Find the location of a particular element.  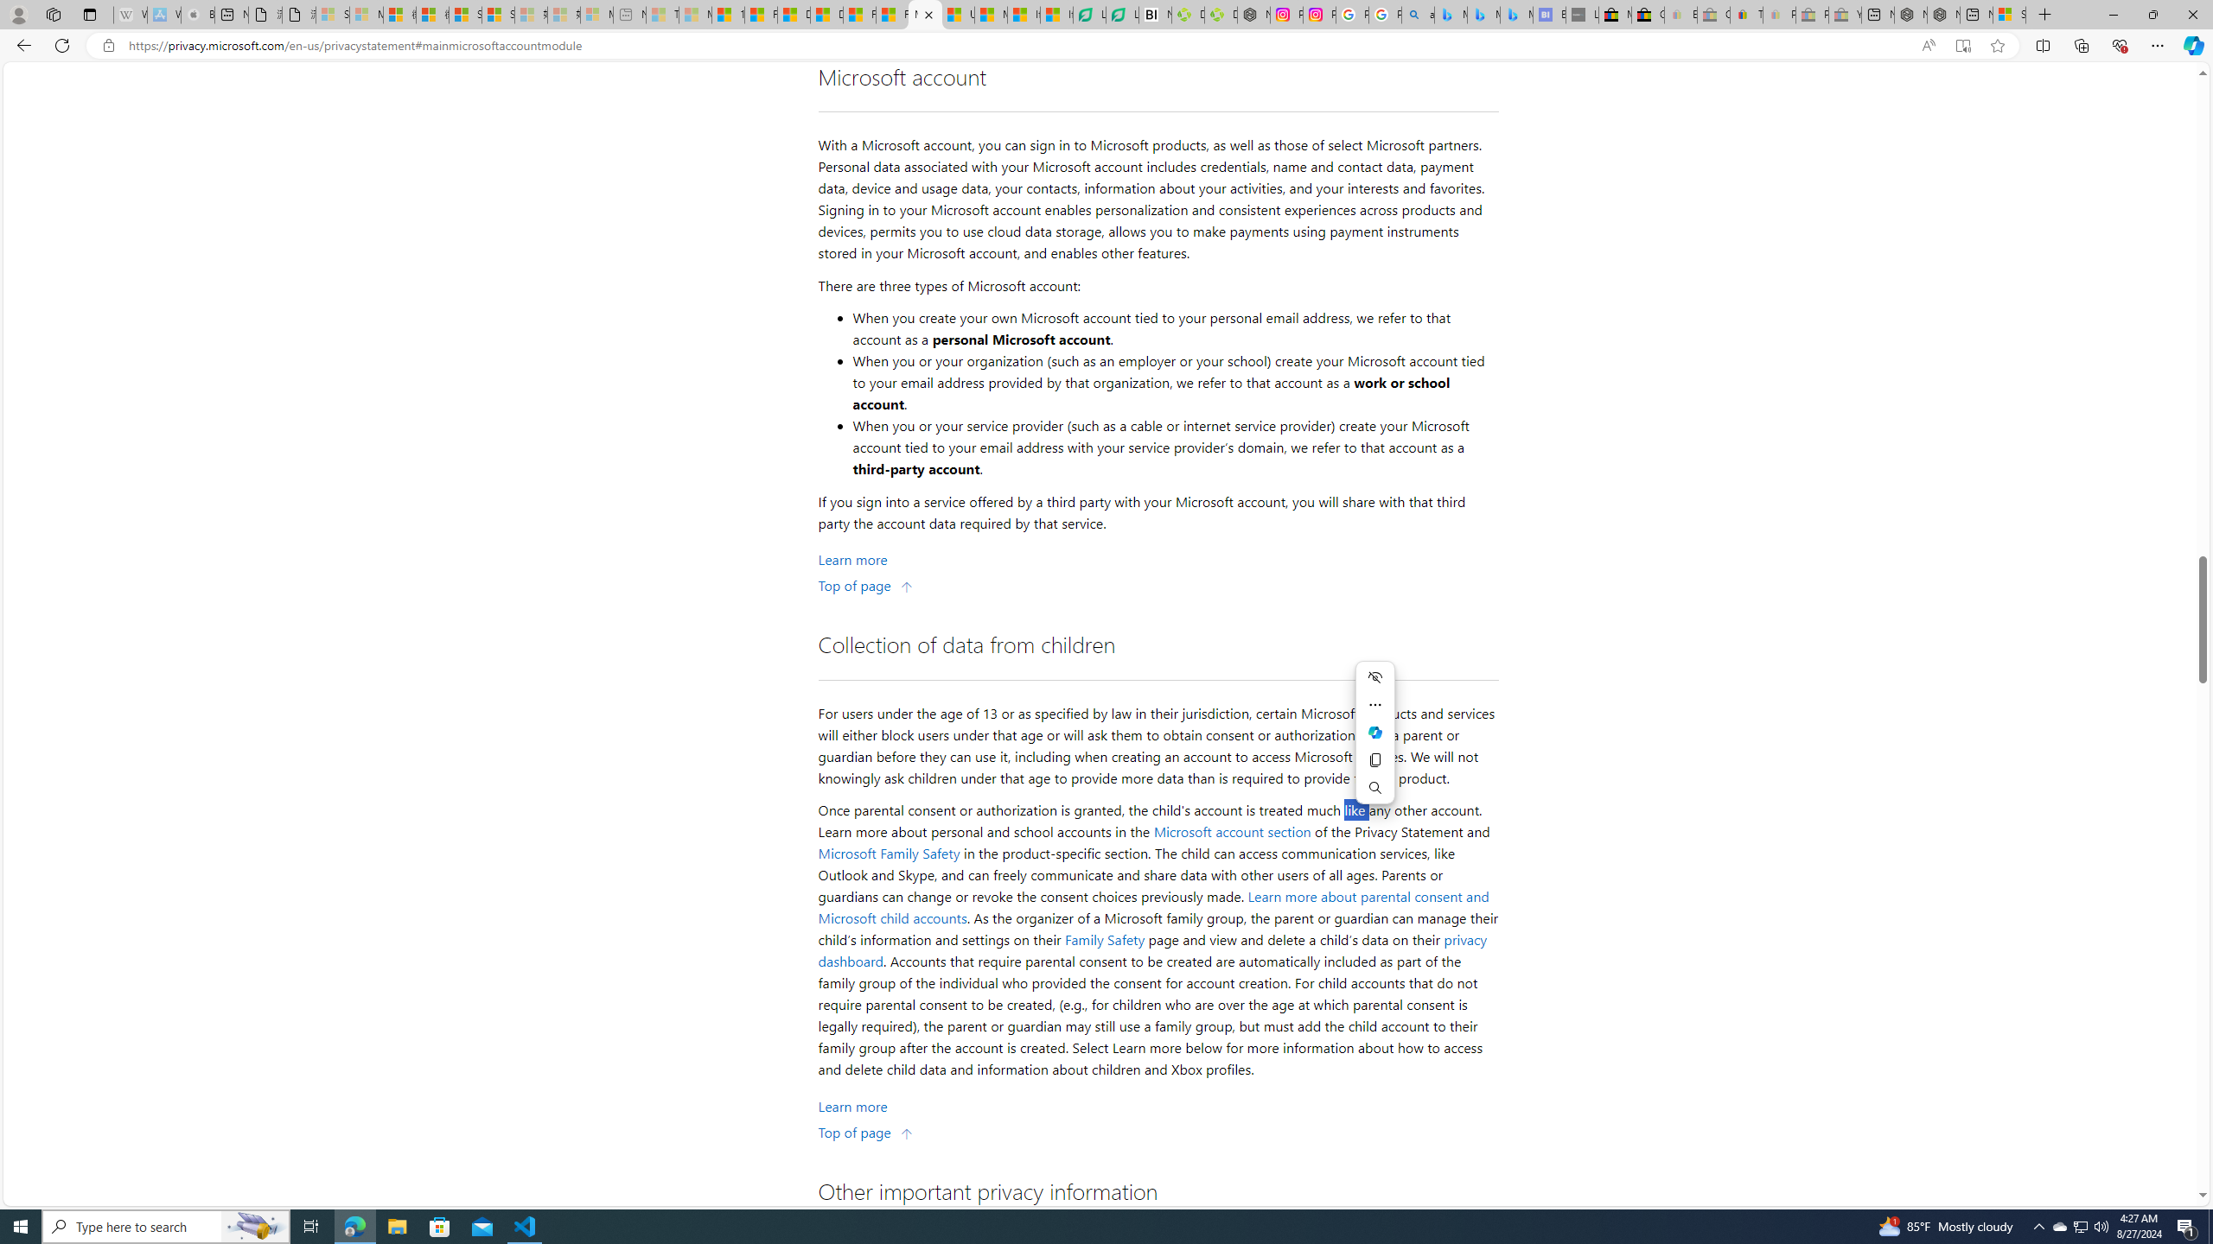

'Microsoft Bing Travel - Flights from Hong Kong to Bangkok' is located at coordinates (1451, 14).